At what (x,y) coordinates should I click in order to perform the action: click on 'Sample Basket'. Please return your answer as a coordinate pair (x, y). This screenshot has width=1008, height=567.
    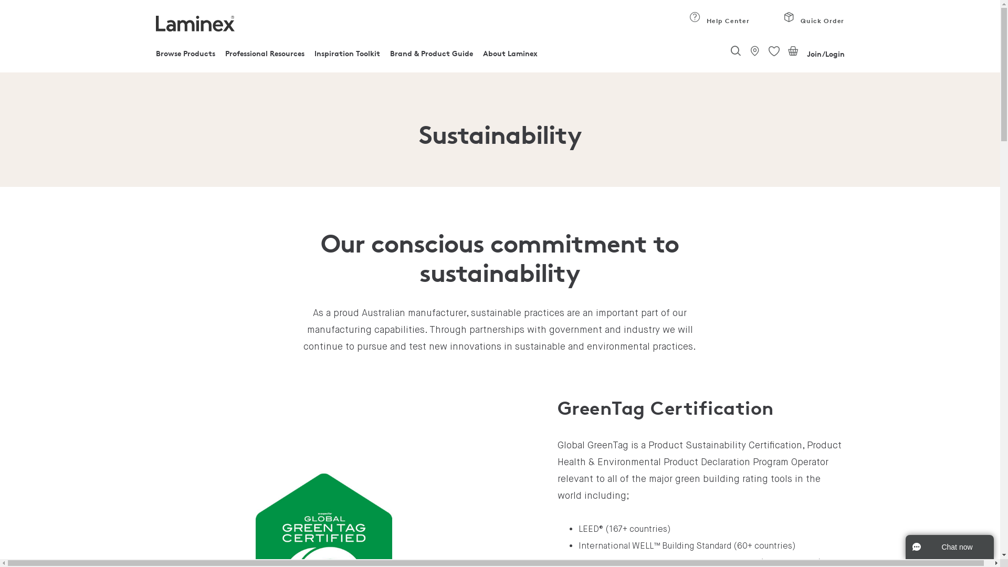
    Looking at the image, I should click on (793, 50).